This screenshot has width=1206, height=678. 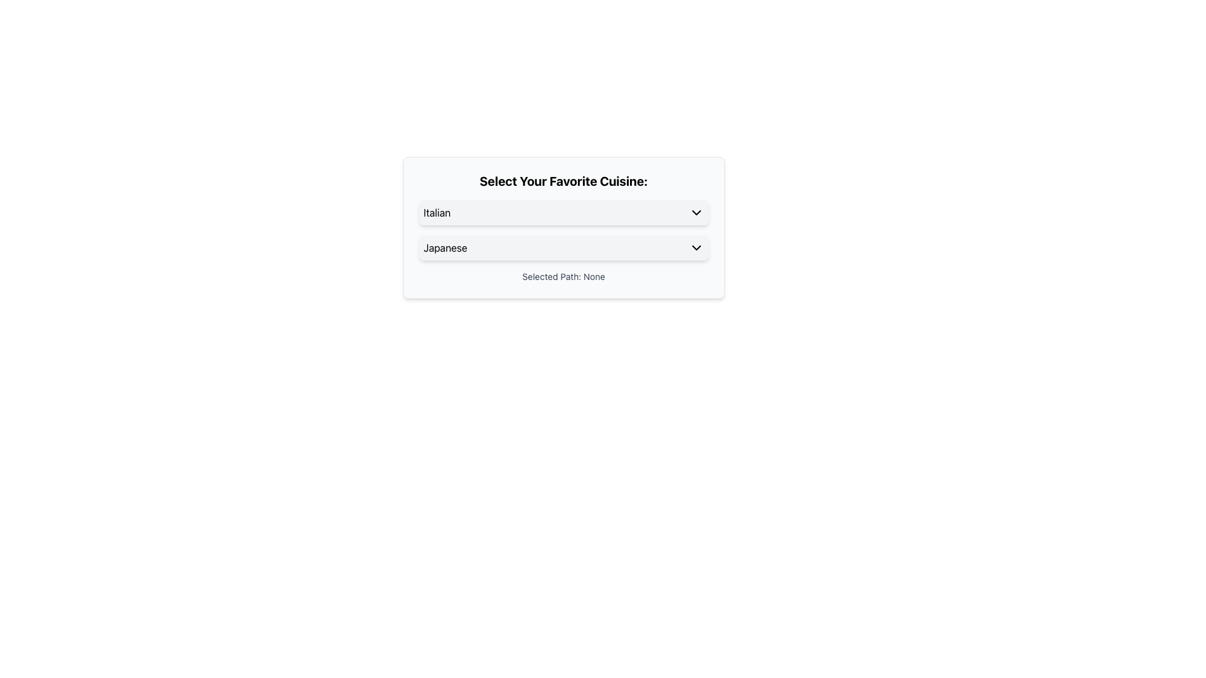 I want to click on the dropdown menu labeled 'Italian', so click(x=563, y=212).